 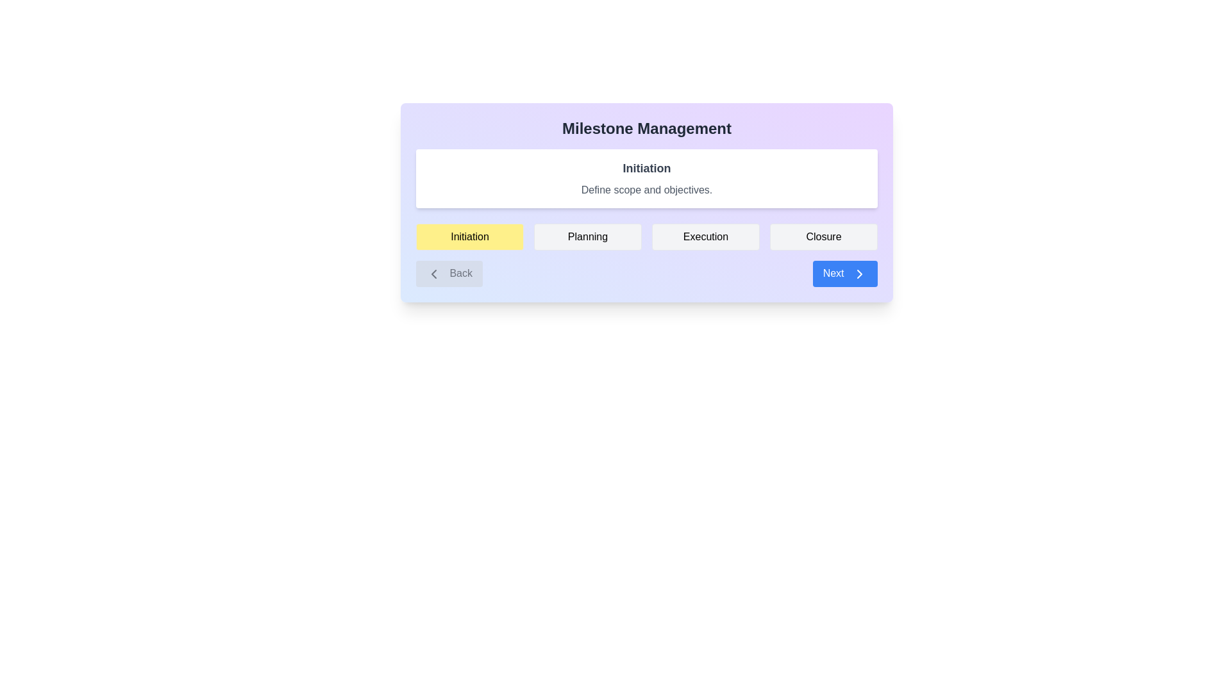 What do you see at coordinates (587, 237) in the screenshot?
I see `the 'Planning' button, which is the second button in a grid layout, located to the right of 'Initiation' and to the left of 'Execution'` at bounding box center [587, 237].